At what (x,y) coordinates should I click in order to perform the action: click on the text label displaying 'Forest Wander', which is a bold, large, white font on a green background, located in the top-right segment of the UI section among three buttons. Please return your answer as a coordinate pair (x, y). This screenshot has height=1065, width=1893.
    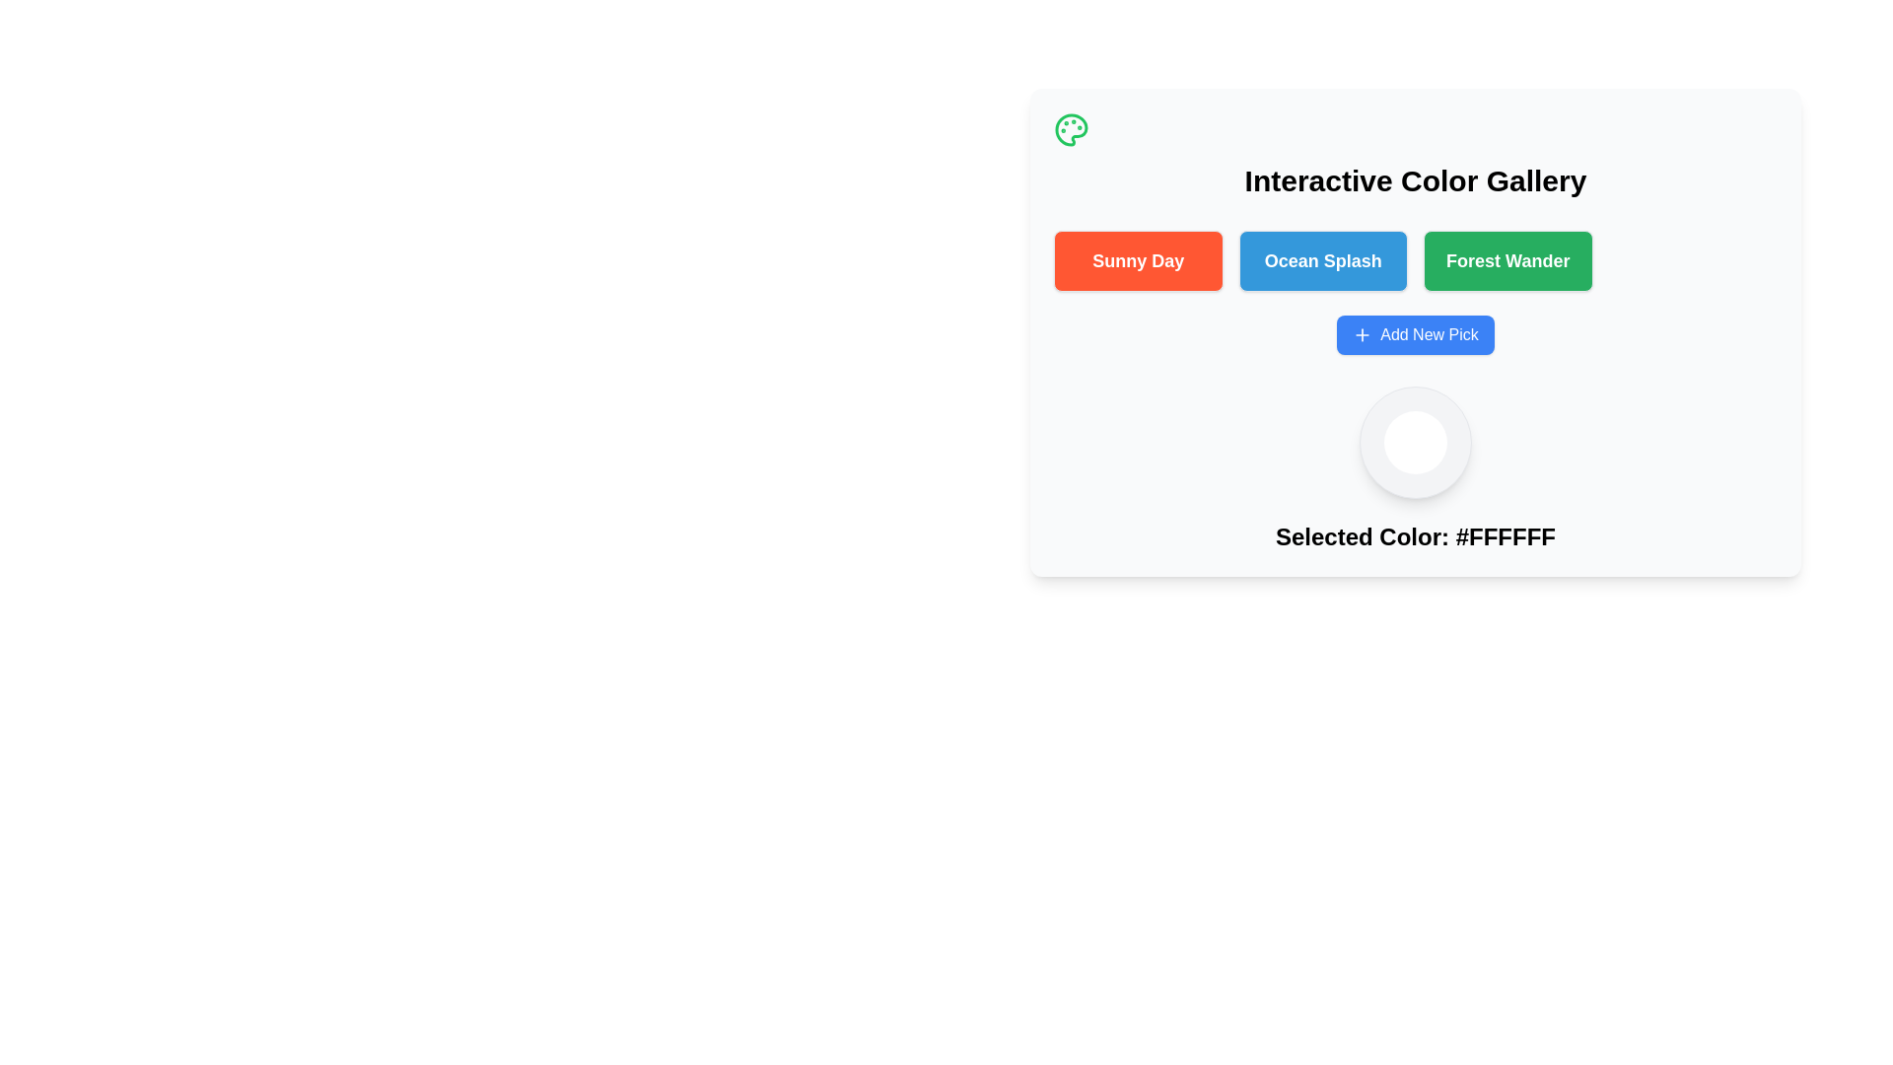
    Looking at the image, I should click on (1507, 260).